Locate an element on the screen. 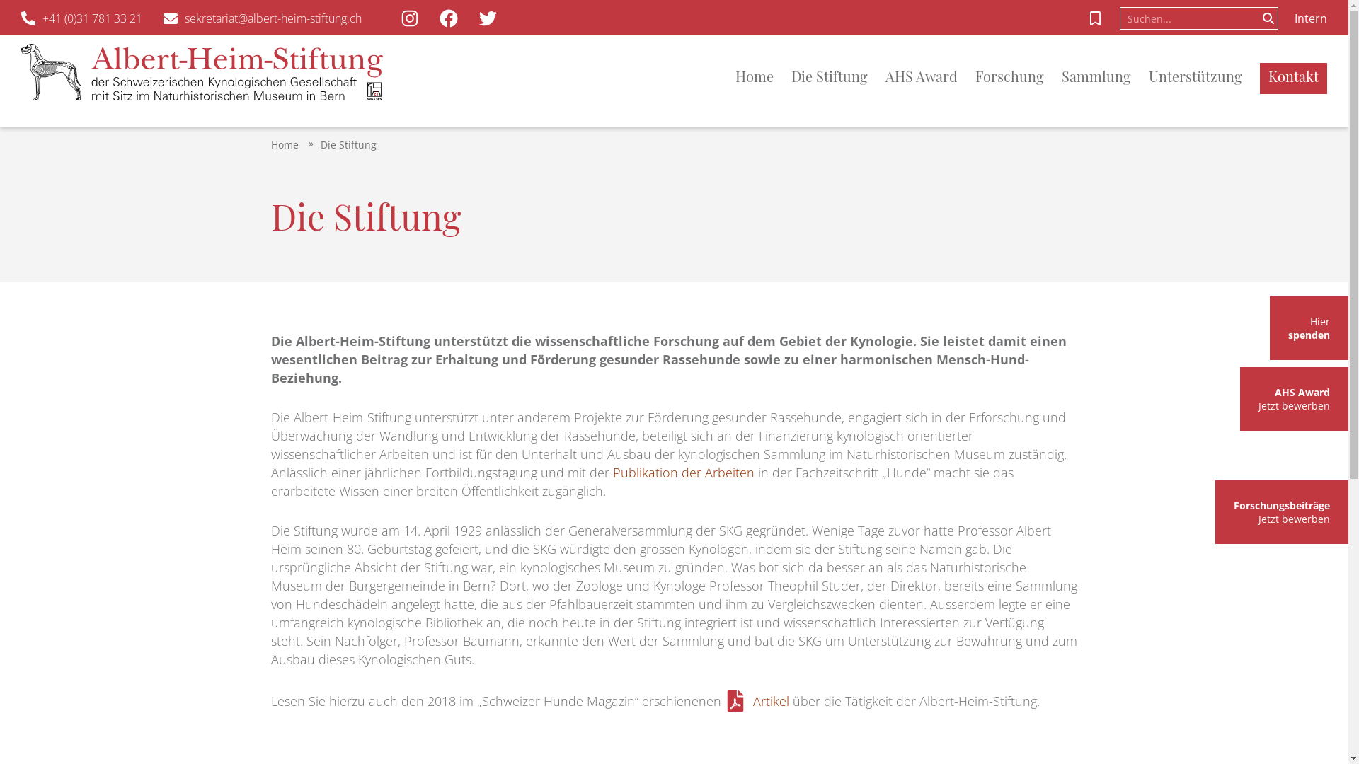 The width and height of the screenshot is (1359, 764). 'Publikation der Arbeiten' is located at coordinates (683, 472).